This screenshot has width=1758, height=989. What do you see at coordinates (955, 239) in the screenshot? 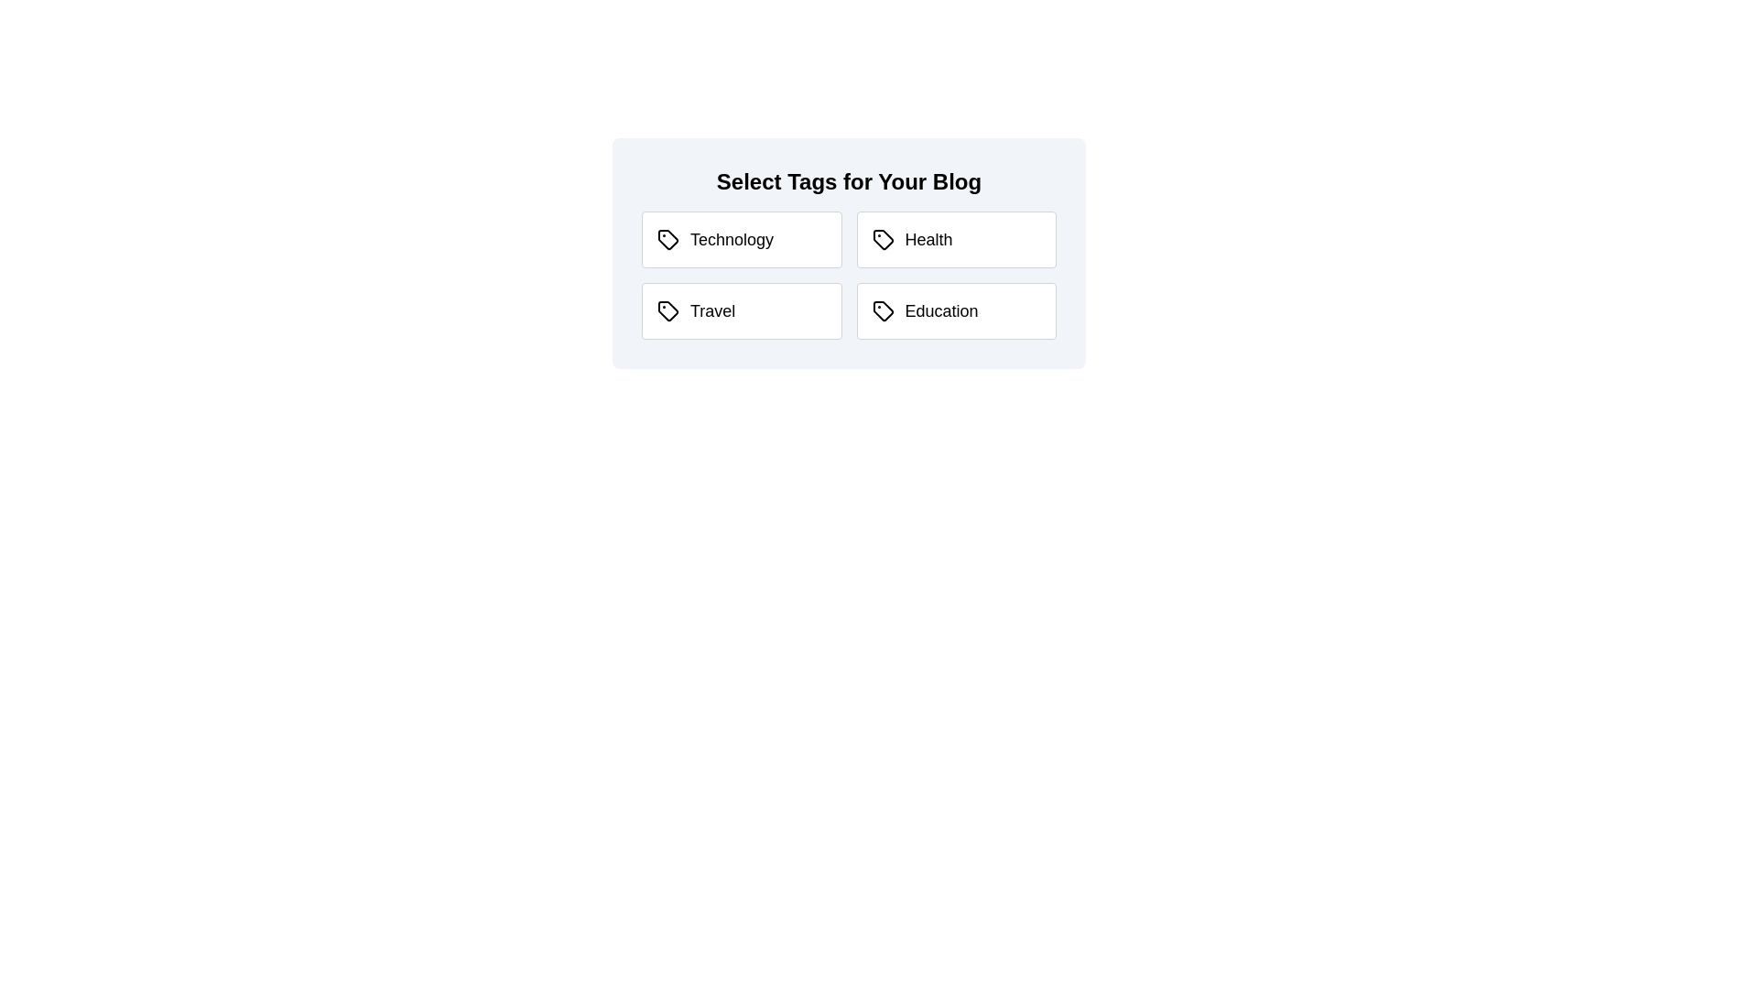
I see `the tag Health to toggle its selection state` at bounding box center [955, 239].